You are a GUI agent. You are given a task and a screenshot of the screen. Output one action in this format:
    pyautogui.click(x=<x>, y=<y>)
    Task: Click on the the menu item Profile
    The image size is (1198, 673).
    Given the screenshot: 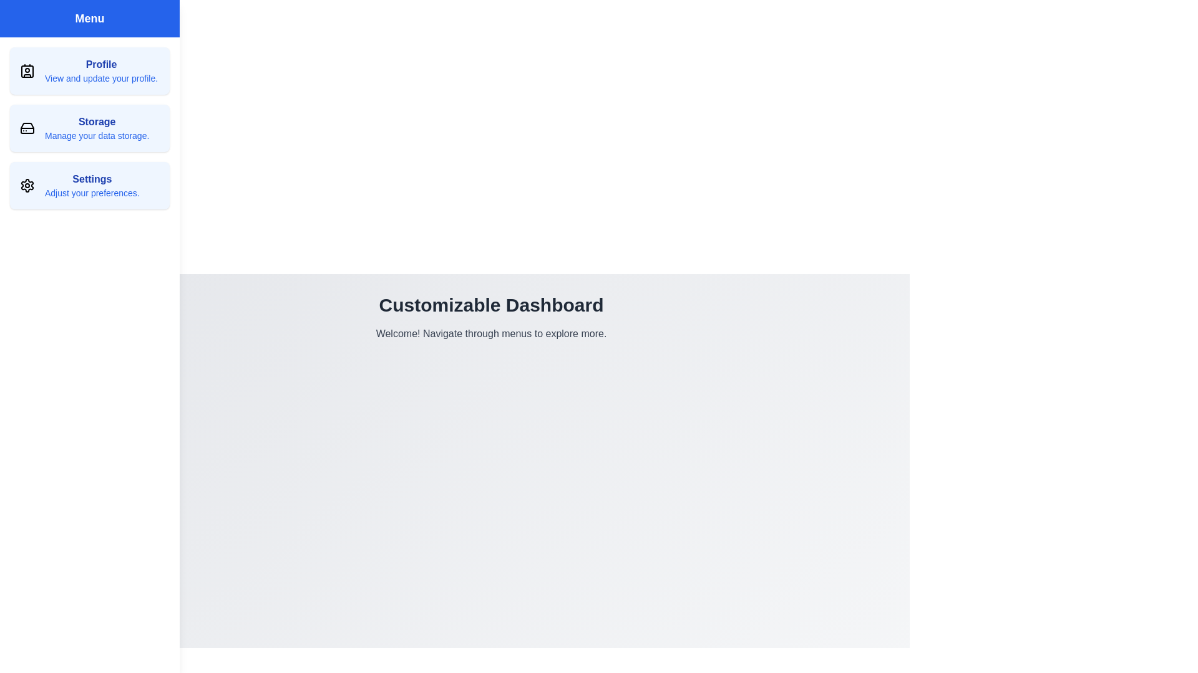 What is the action you would take?
    pyautogui.click(x=89, y=71)
    